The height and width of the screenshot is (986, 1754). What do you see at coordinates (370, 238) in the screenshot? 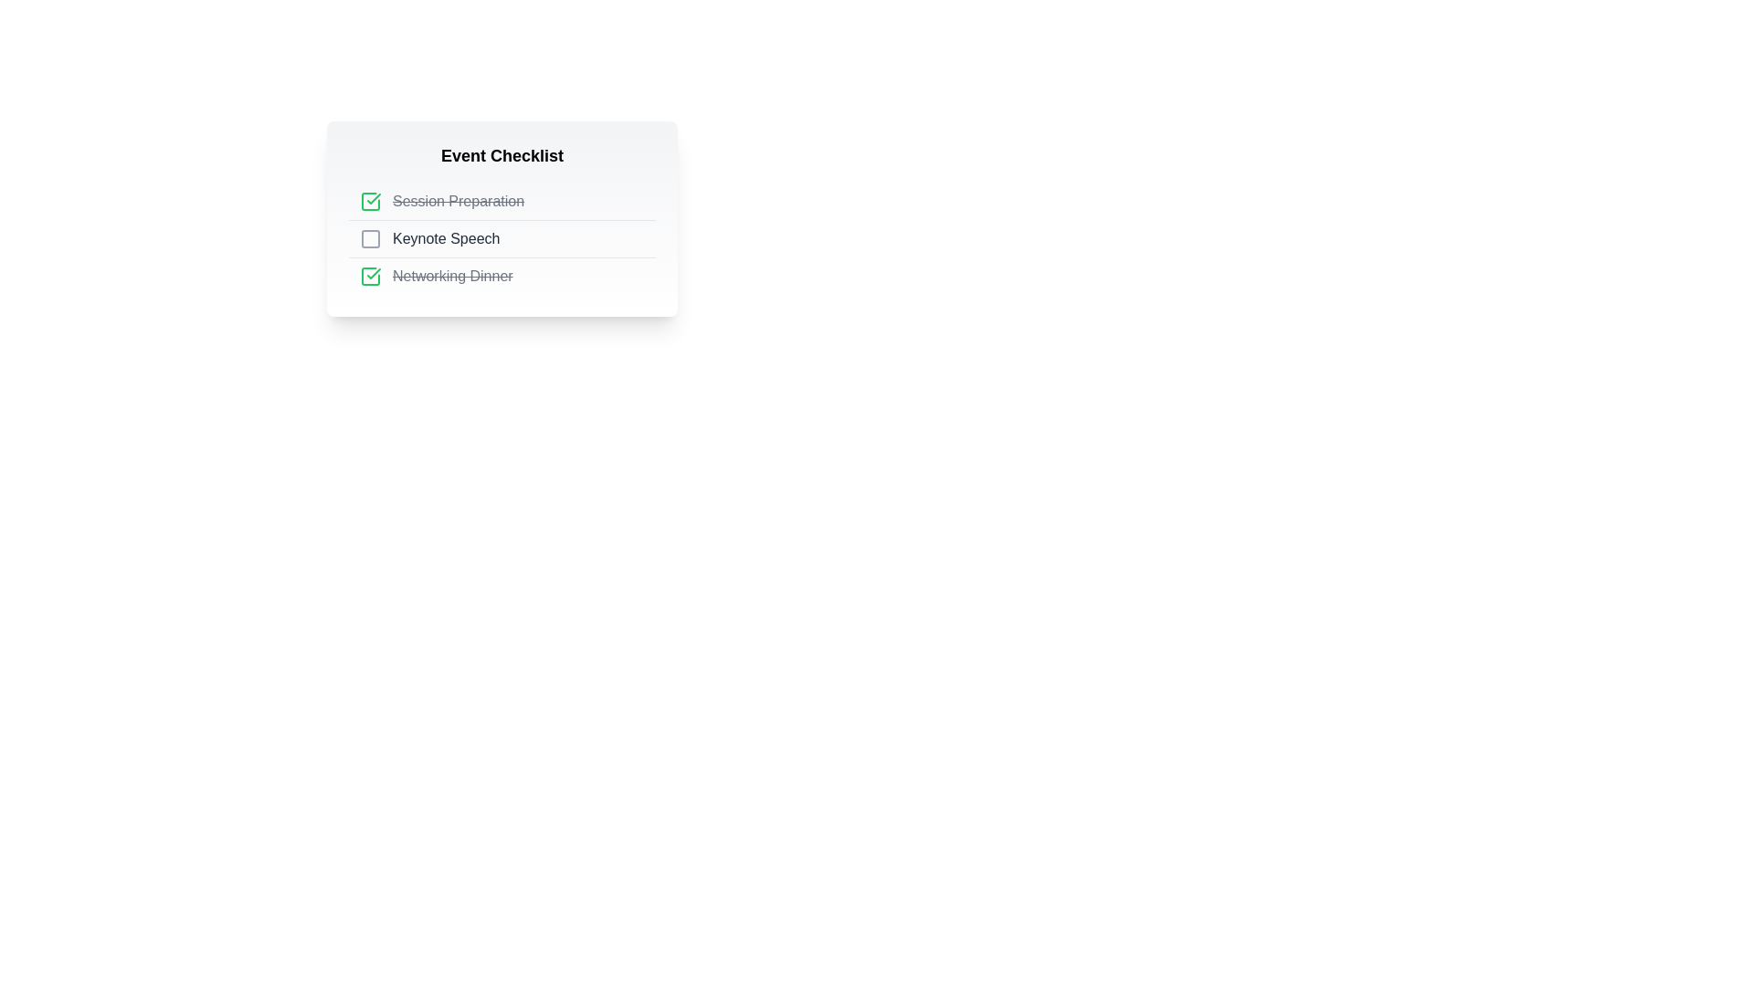
I see `the square-shaped outline icon with rounded corners, located to the left of the 'Keynote Speech' text` at bounding box center [370, 238].